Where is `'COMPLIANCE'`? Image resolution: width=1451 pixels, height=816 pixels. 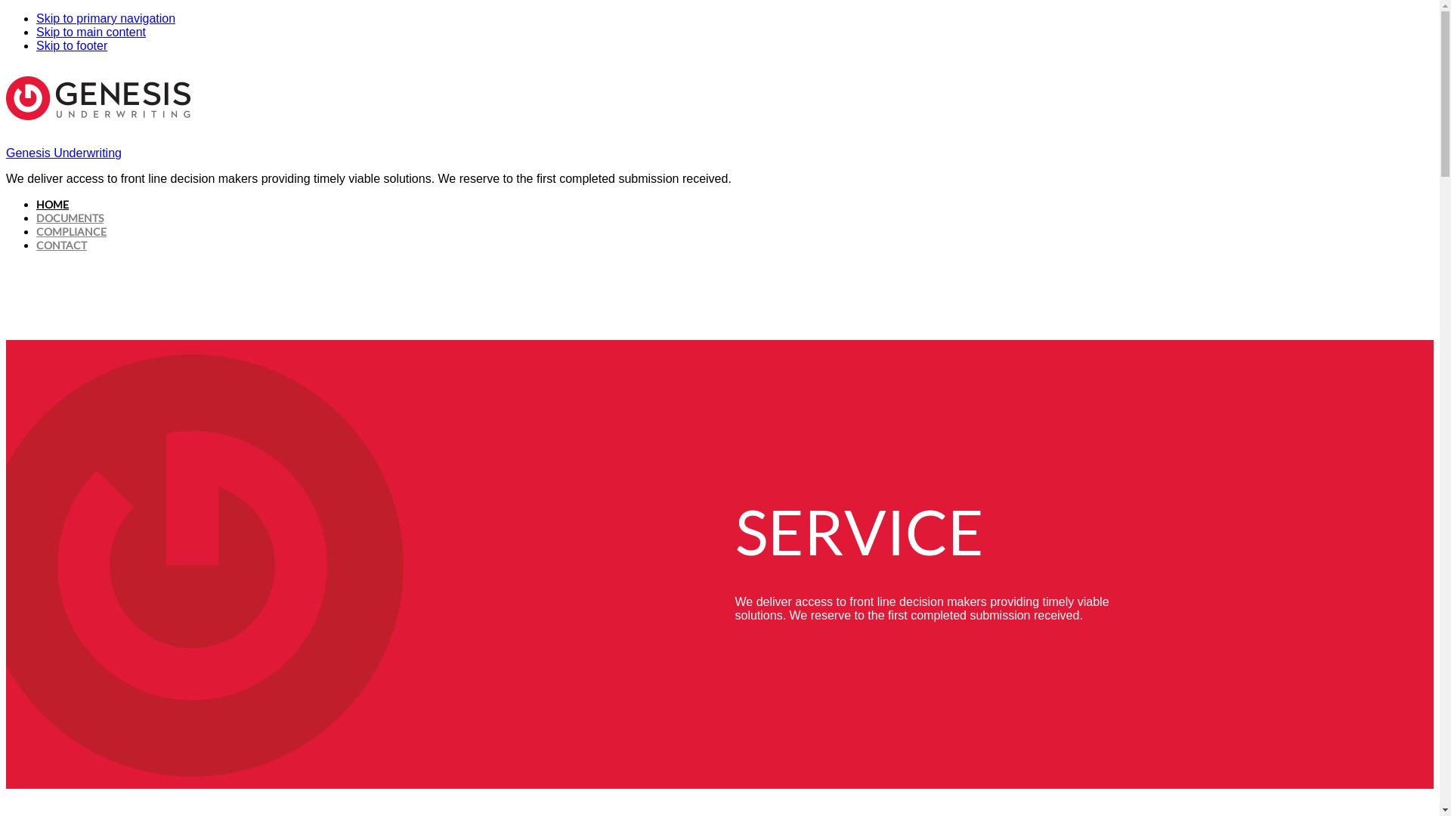 'COMPLIANCE' is located at coordinates (70, 231).